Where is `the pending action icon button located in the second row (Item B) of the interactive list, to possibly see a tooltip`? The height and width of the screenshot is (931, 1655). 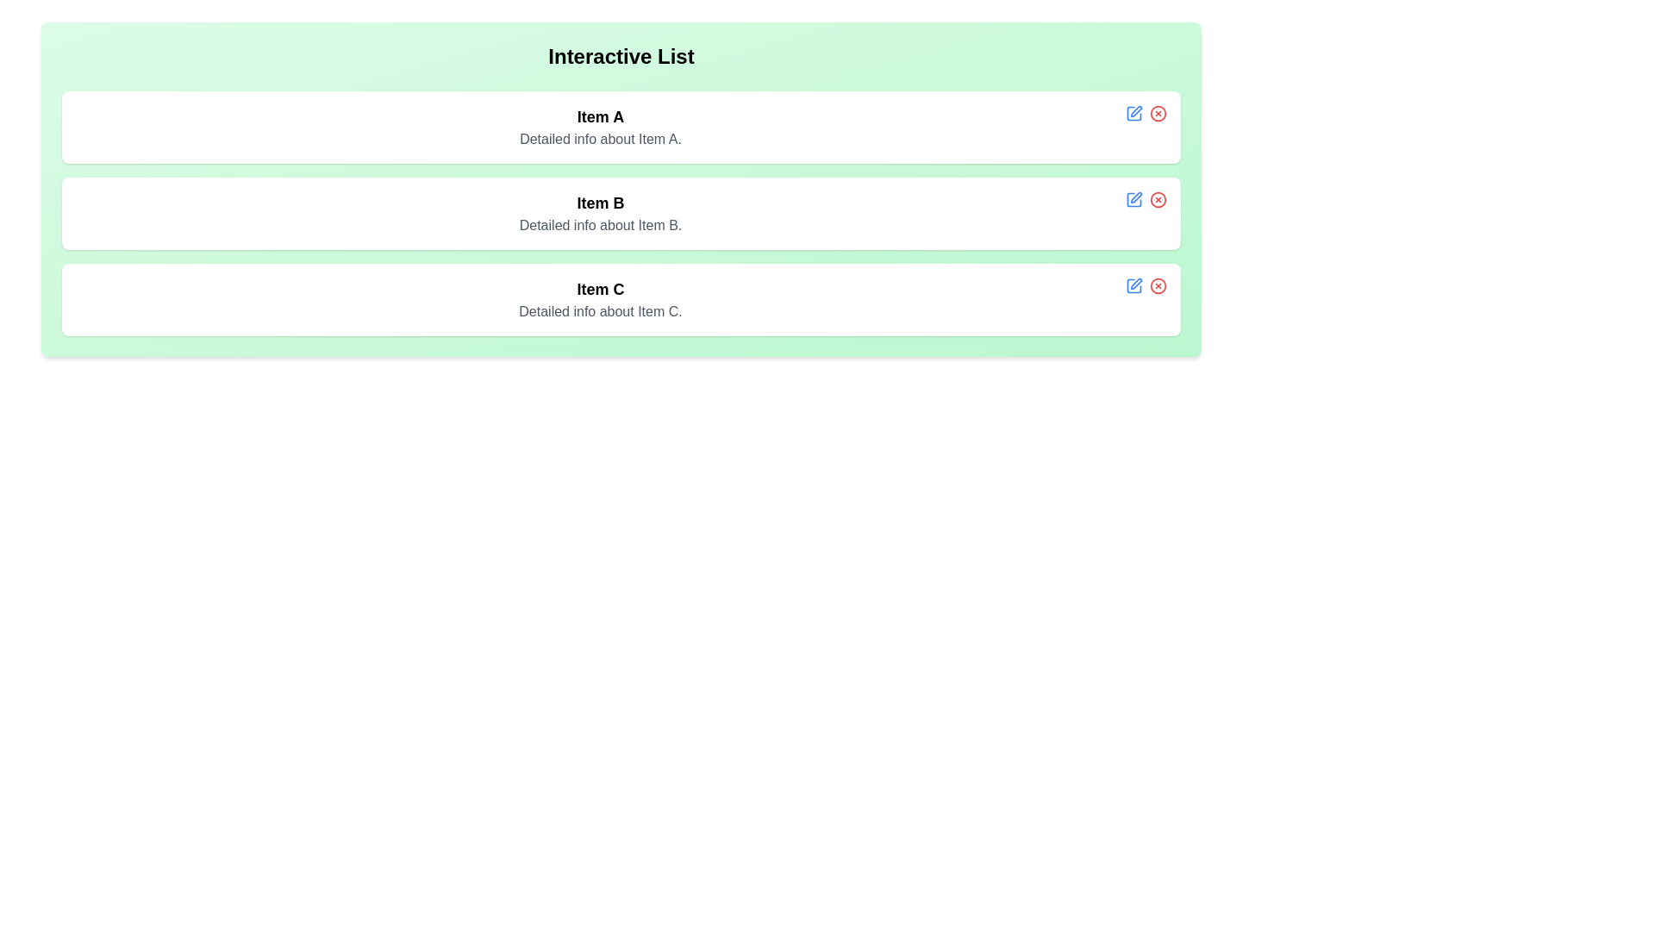 the pending action icon button located in the second row (Item B) of the interactive list, to possibly see a tooltip is located at coordinates (1136, 197).